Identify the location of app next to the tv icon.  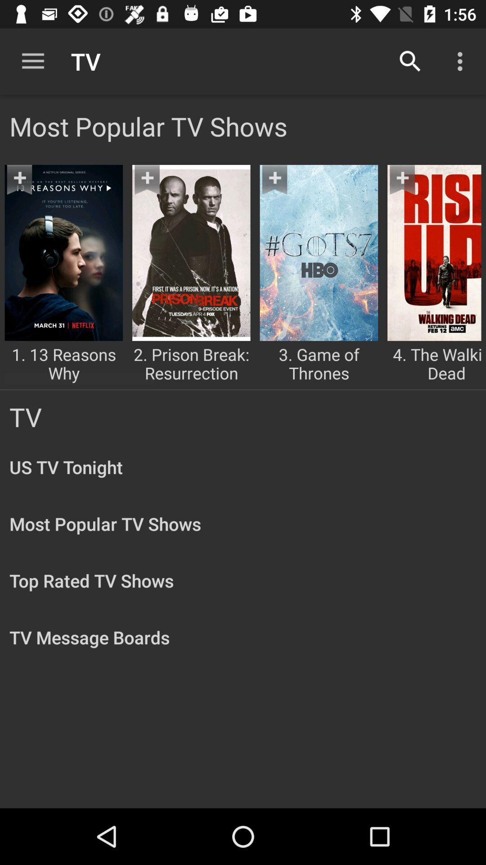
(32, 61).